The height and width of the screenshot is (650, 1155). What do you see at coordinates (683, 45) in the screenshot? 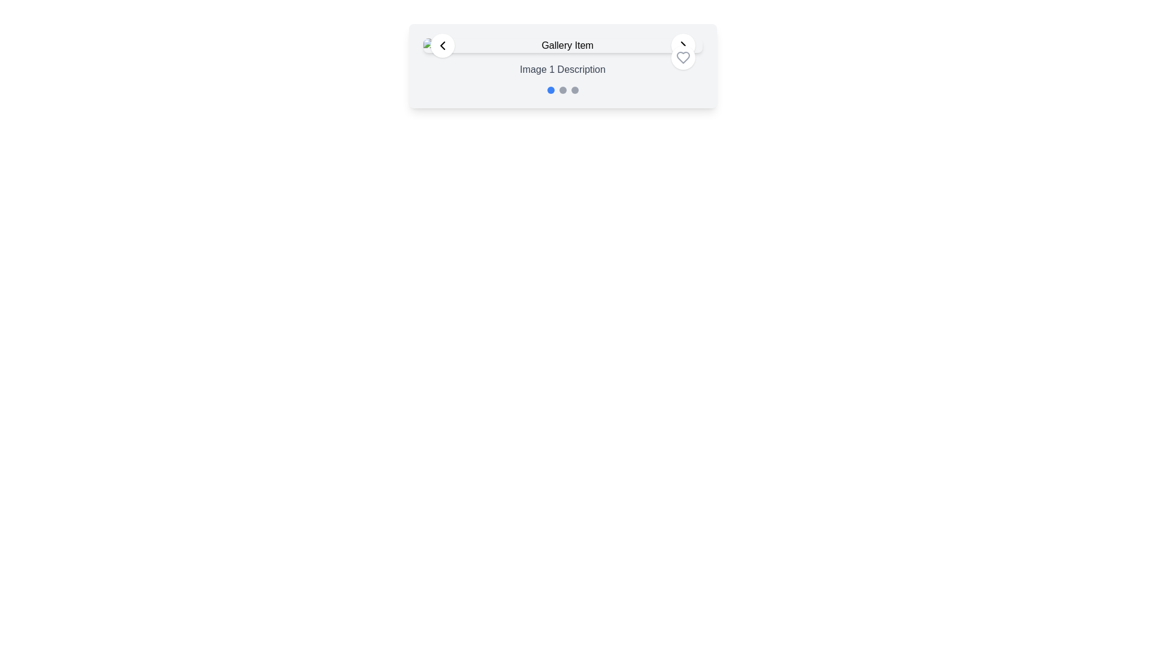
I see `the right-facing chevron icon within the circular button` at bounding box center [683, 45].